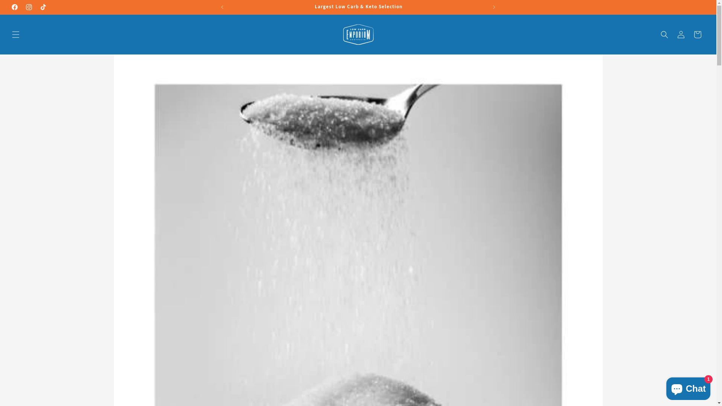  Describe the element at coordinates (689, 35) in the screenshot. I see `'Cart'` at that location.